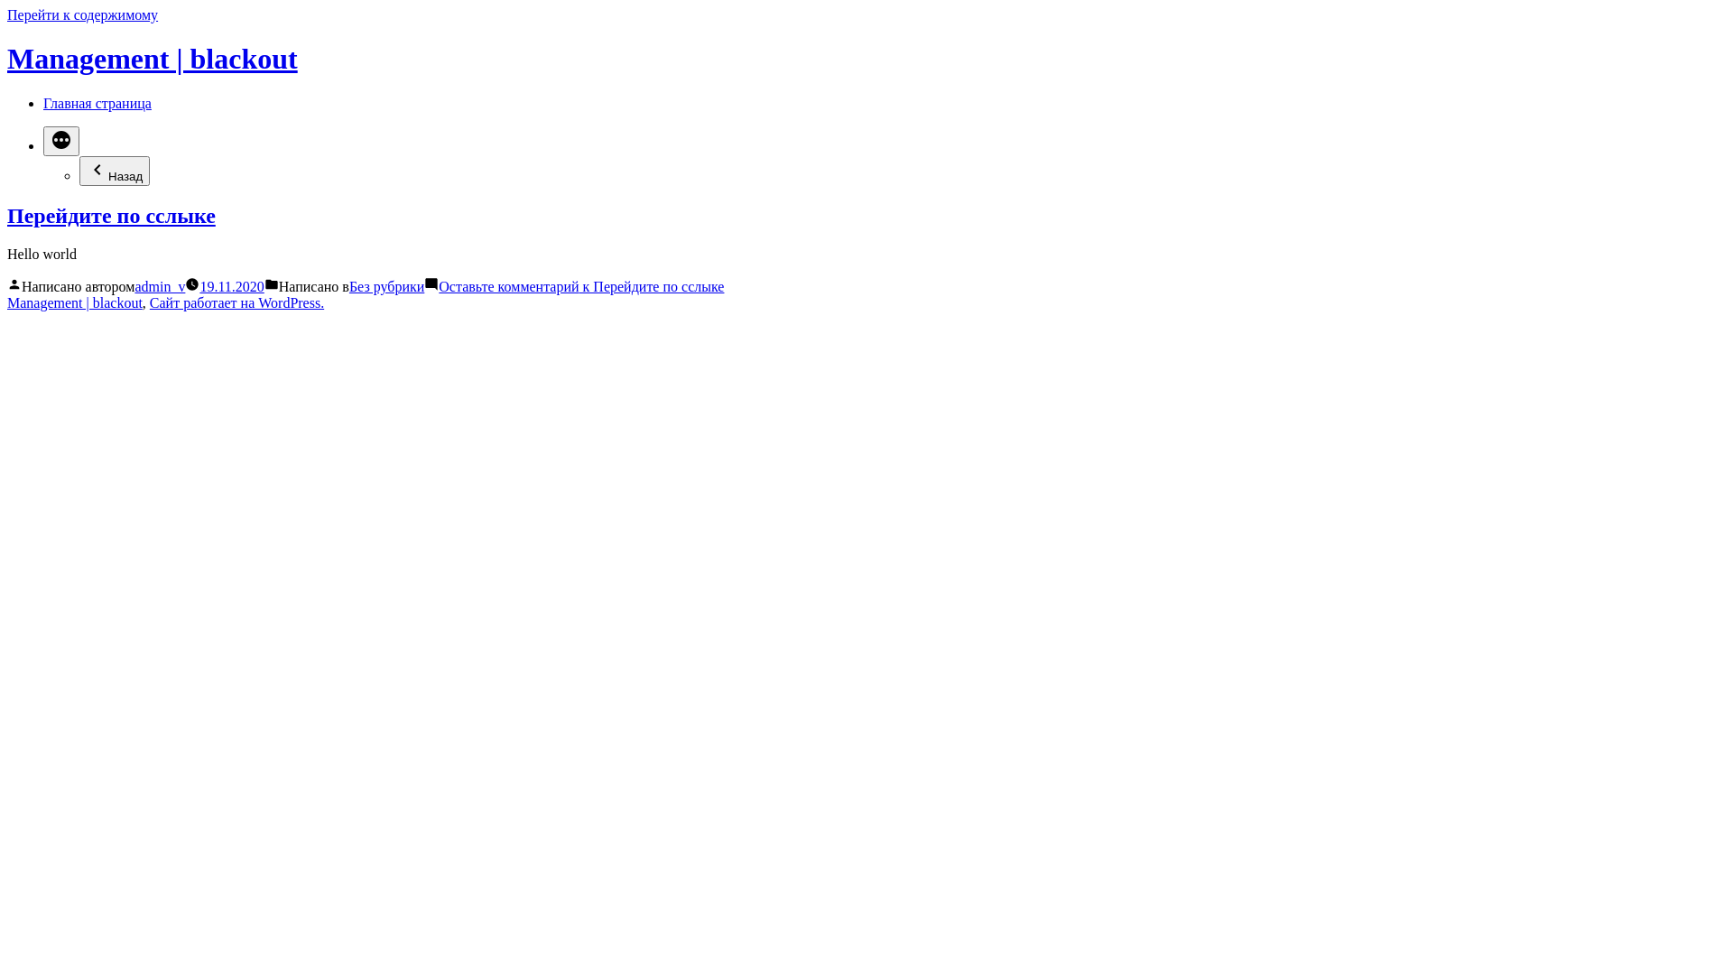 The height and width of the screenshot is (975, 1733). Describe the element at coordinates (160, 285) in the screenshot. I see `'admin_v'` at that location.